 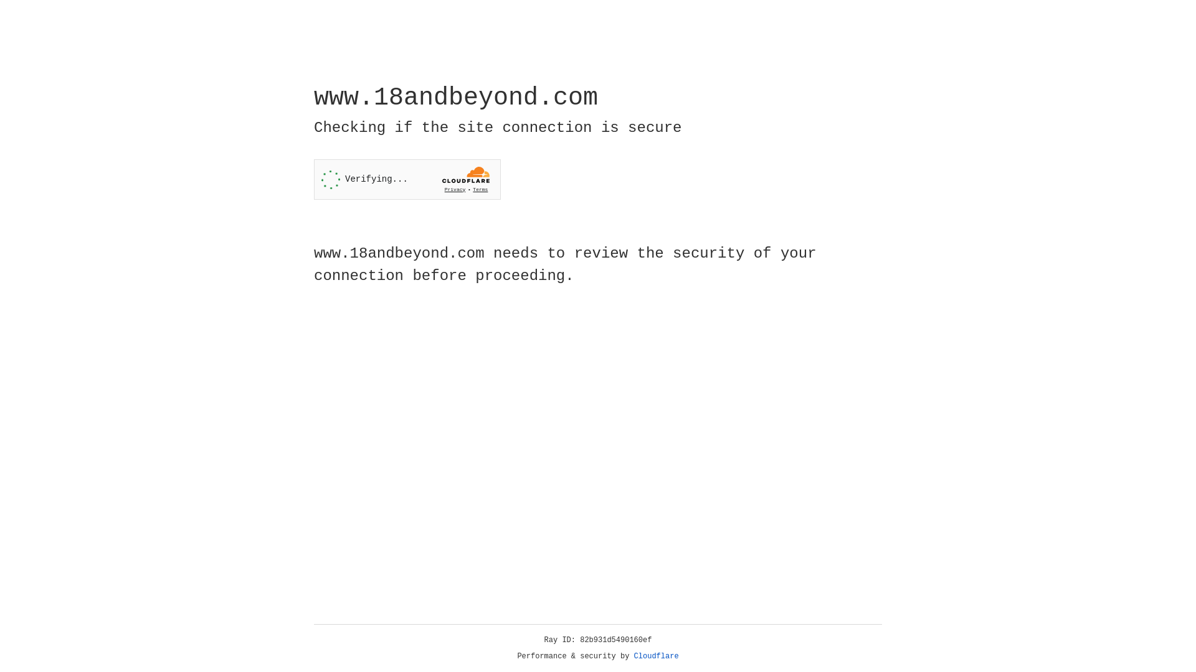 What do you see at coordinates (407, 179) in the screenshot?
I see `'Widget containing a Cloudflare security challenge'` at bounding box center [407, 179].